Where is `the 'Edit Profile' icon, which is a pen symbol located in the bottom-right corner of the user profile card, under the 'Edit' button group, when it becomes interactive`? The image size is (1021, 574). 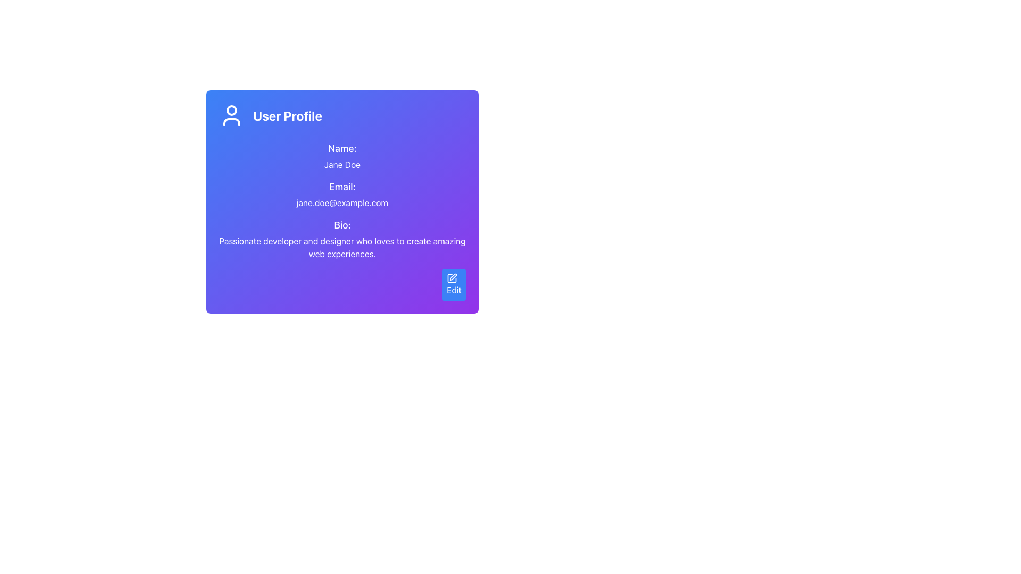
the 'Edit Profile' icon, which is a pen symbol located in the bottom-right corner of the user profile card, under the 'Edit' button group, when it becomes interactive is located at coordinates (453, 276).